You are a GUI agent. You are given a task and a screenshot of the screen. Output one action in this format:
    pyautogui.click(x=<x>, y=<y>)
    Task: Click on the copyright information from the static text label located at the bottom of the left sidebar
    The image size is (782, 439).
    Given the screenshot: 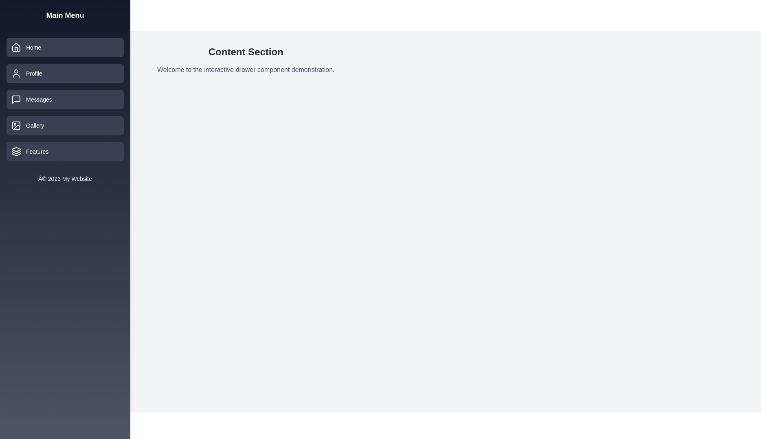 What is the action you would take?
    pyautogui.click(x=64, y=178)
    